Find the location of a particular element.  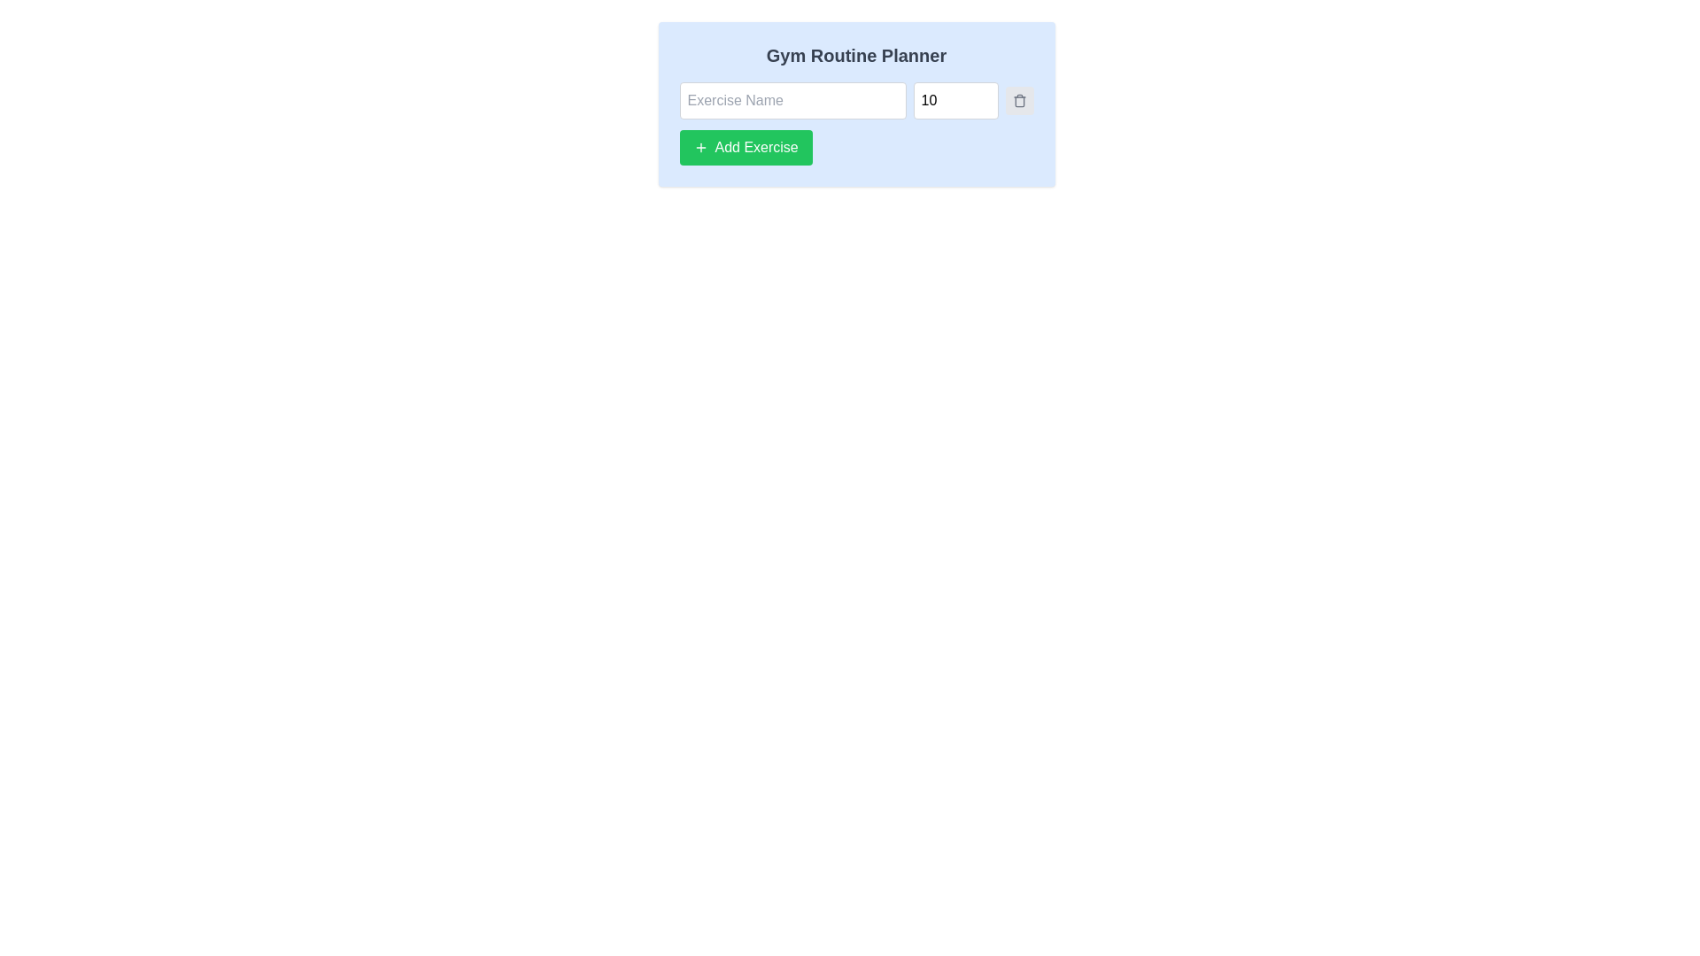

the 'Add Exercise' icon located within the green rectangular button, positioned towards the left side of the text is located at coordinates (699, 146).